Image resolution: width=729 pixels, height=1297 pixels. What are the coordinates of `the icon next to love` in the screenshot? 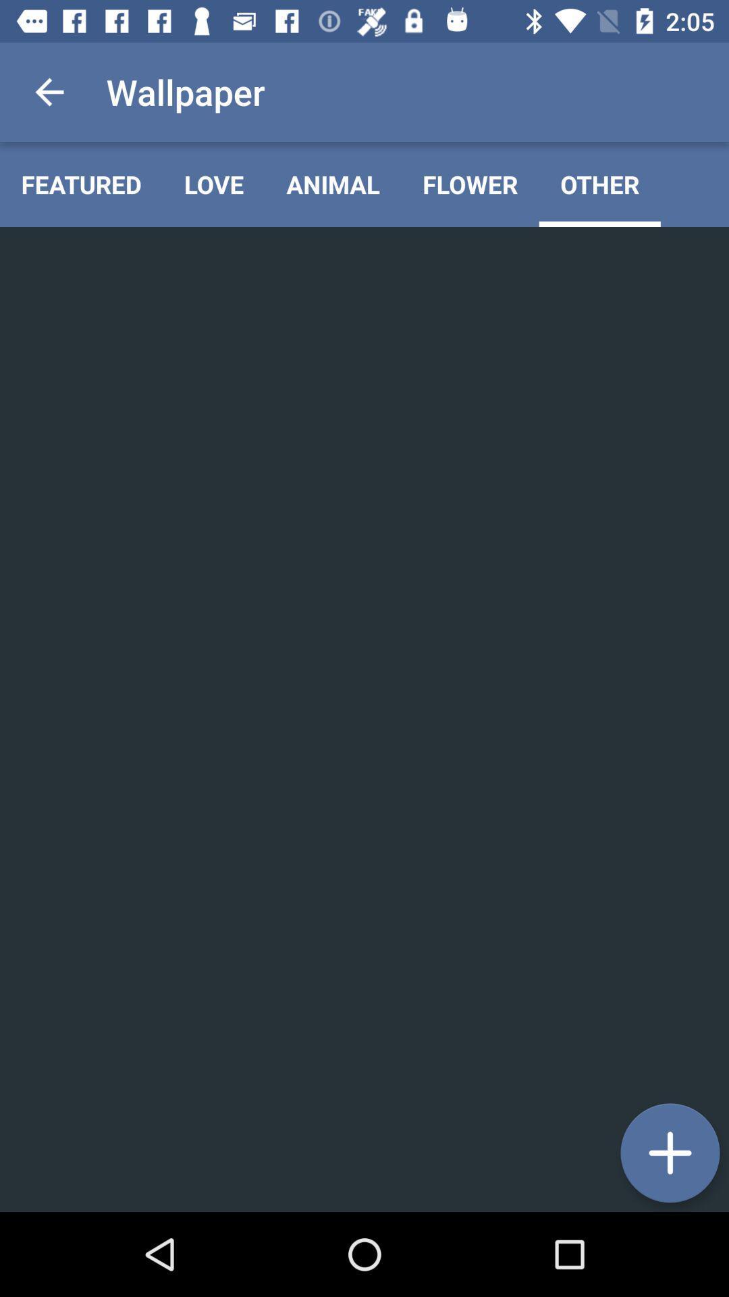 It's located at (333, 184).